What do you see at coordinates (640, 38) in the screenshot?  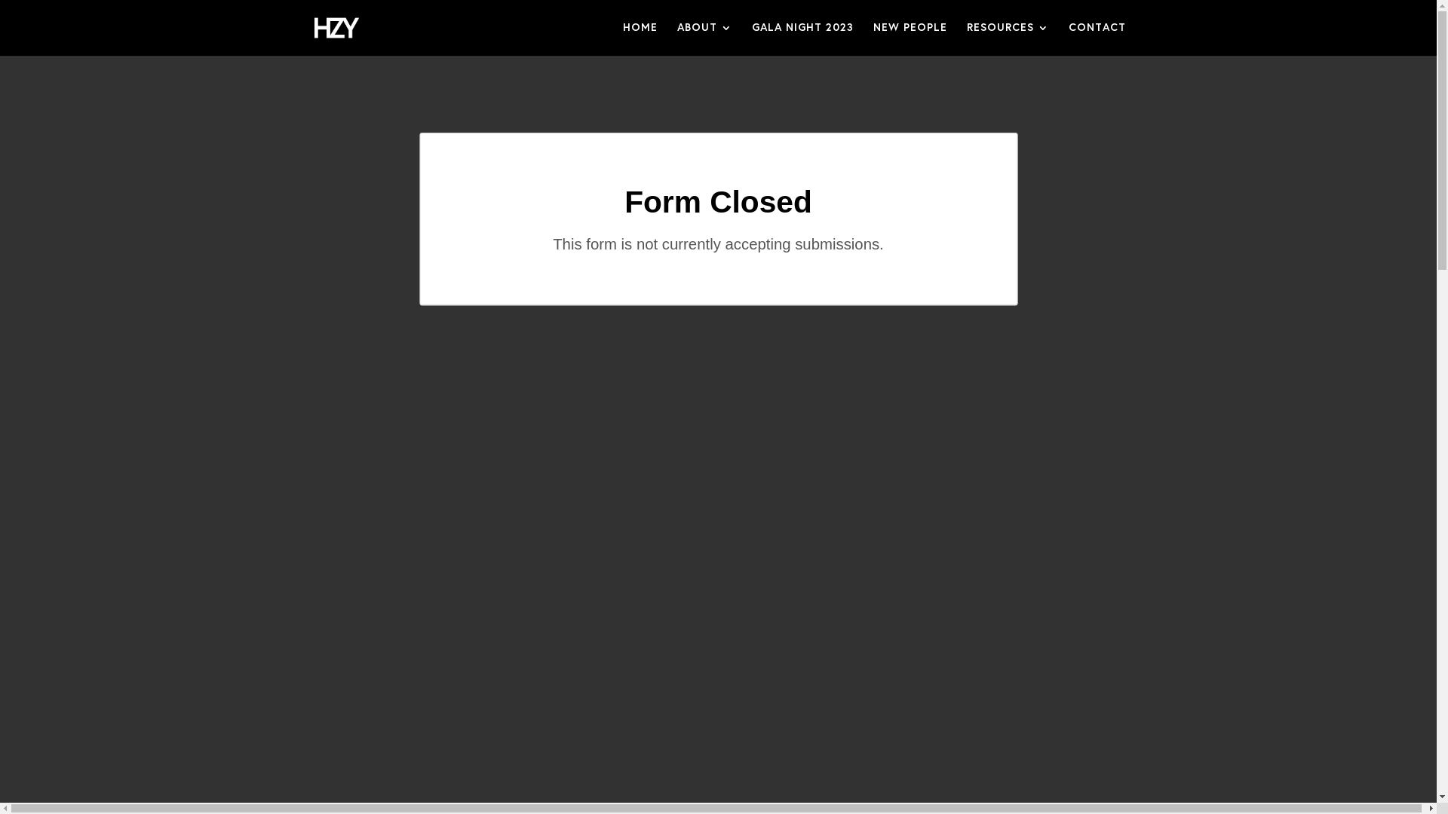 I see `'HOME'` at bounding box center [640, 38].